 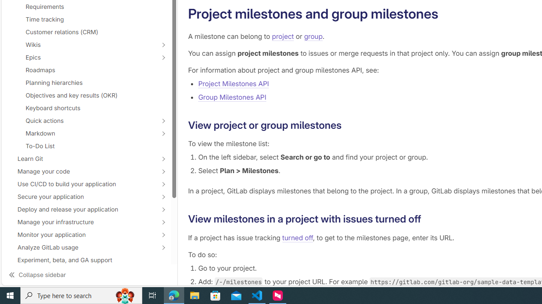 What do you see at coordinates (81, 209) in the screenshot?
I see `'Deploy and release your application'` at bounding box center [81, 209].